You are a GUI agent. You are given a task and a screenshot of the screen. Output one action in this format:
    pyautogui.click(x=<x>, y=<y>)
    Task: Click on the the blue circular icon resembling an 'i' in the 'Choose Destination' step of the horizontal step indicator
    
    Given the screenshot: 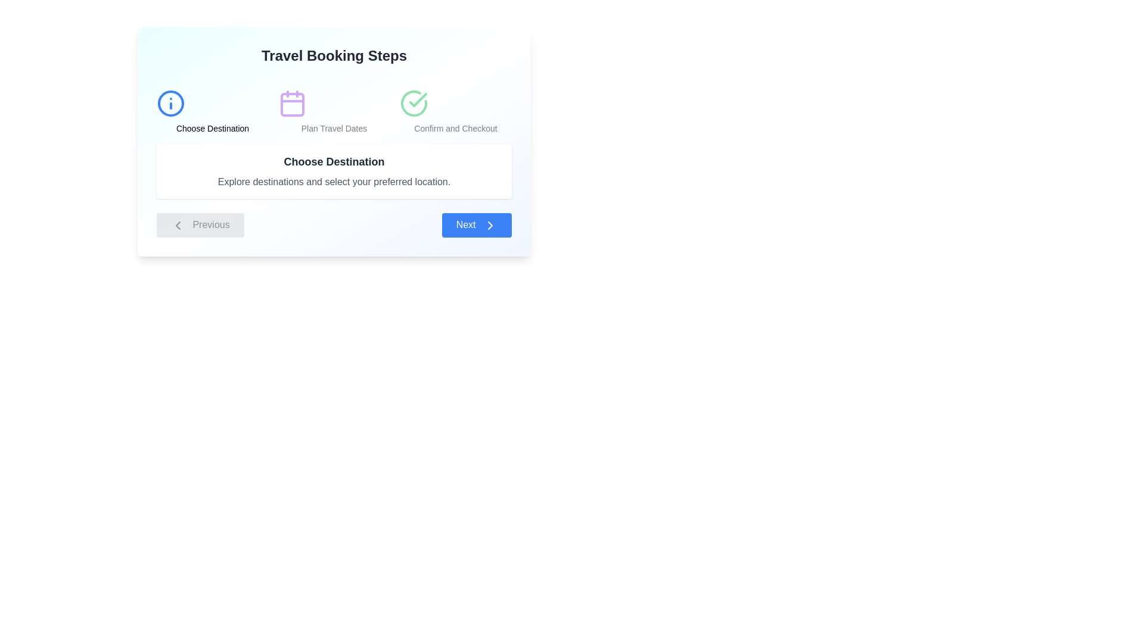 What is the action you would take?
    pyautogui.click(x=170, y=102)
    